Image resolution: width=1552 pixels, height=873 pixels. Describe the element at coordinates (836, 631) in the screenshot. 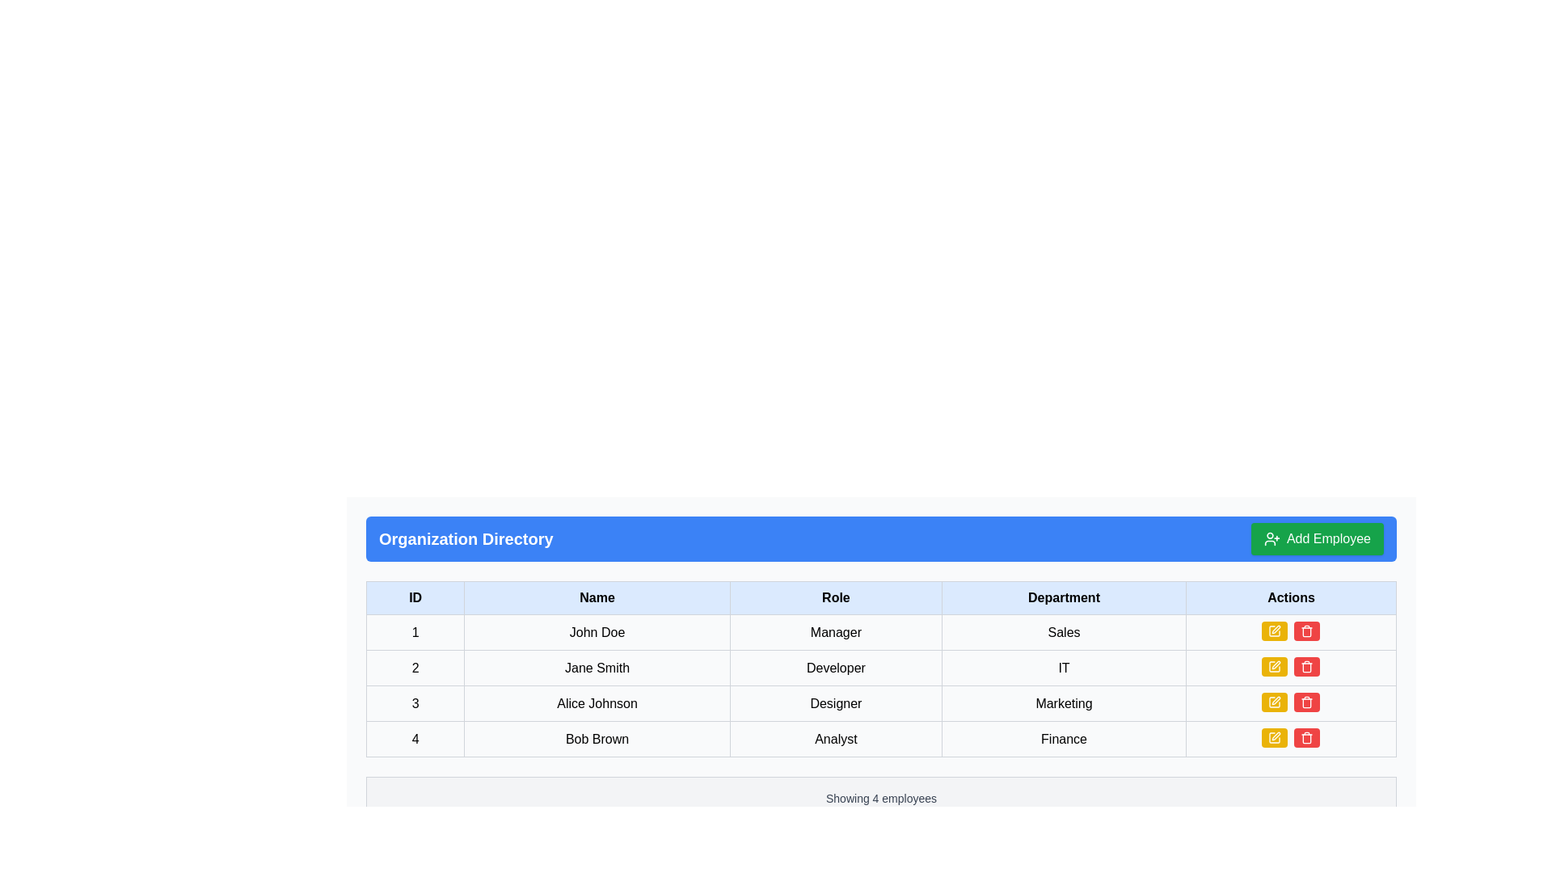

I see `text content of the 'Manager' text label located in the Role column of the table, positioned between the Name and Department columns` at that location.